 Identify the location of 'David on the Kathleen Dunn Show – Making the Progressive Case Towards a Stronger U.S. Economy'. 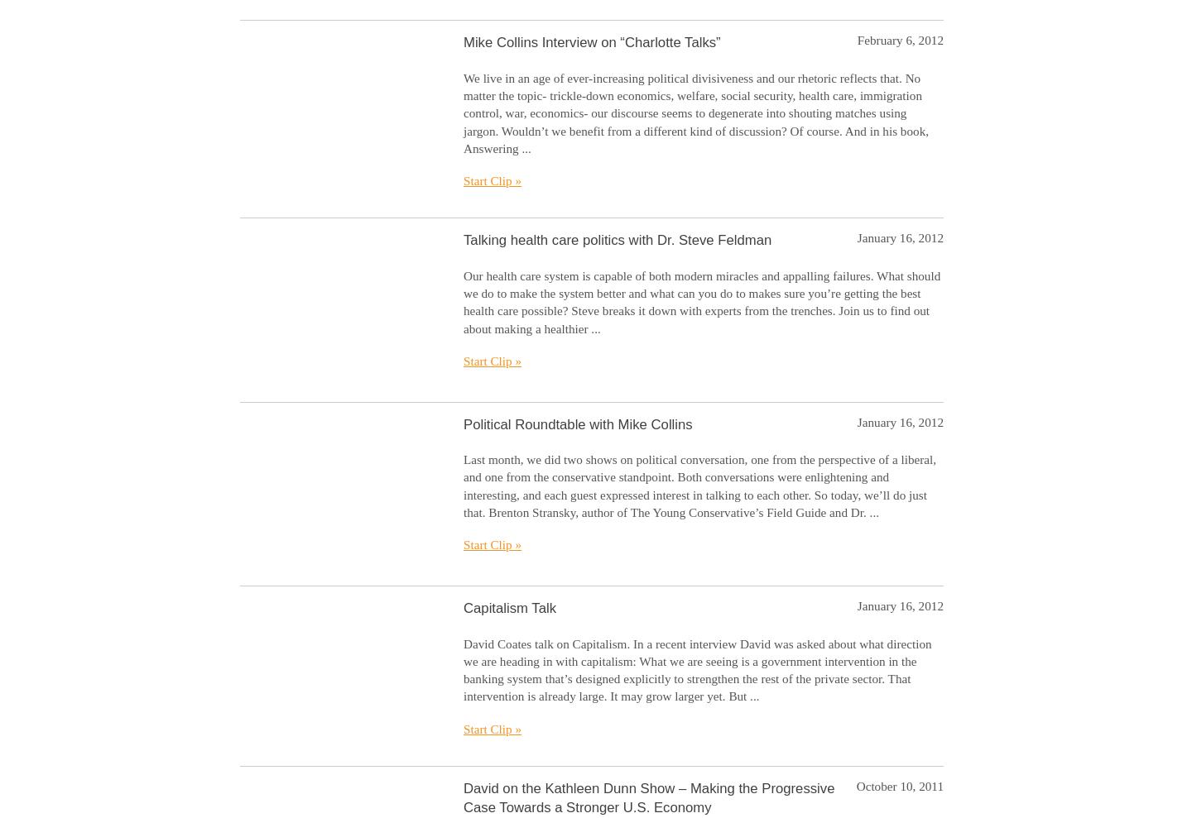
(648, 797).